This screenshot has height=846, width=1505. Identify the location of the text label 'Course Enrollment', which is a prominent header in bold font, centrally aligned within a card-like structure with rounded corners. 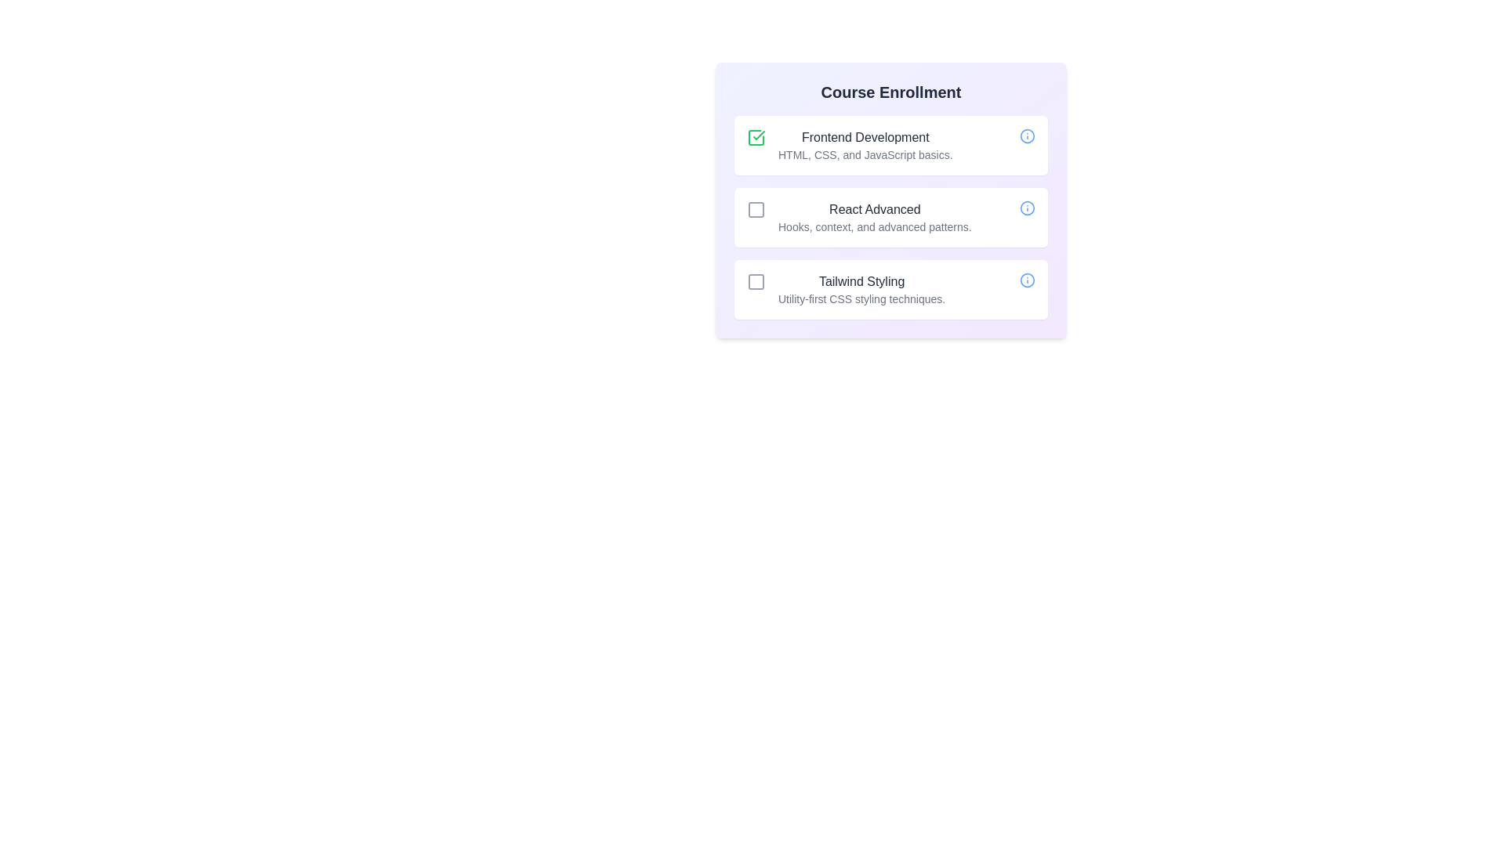
(891, 92).